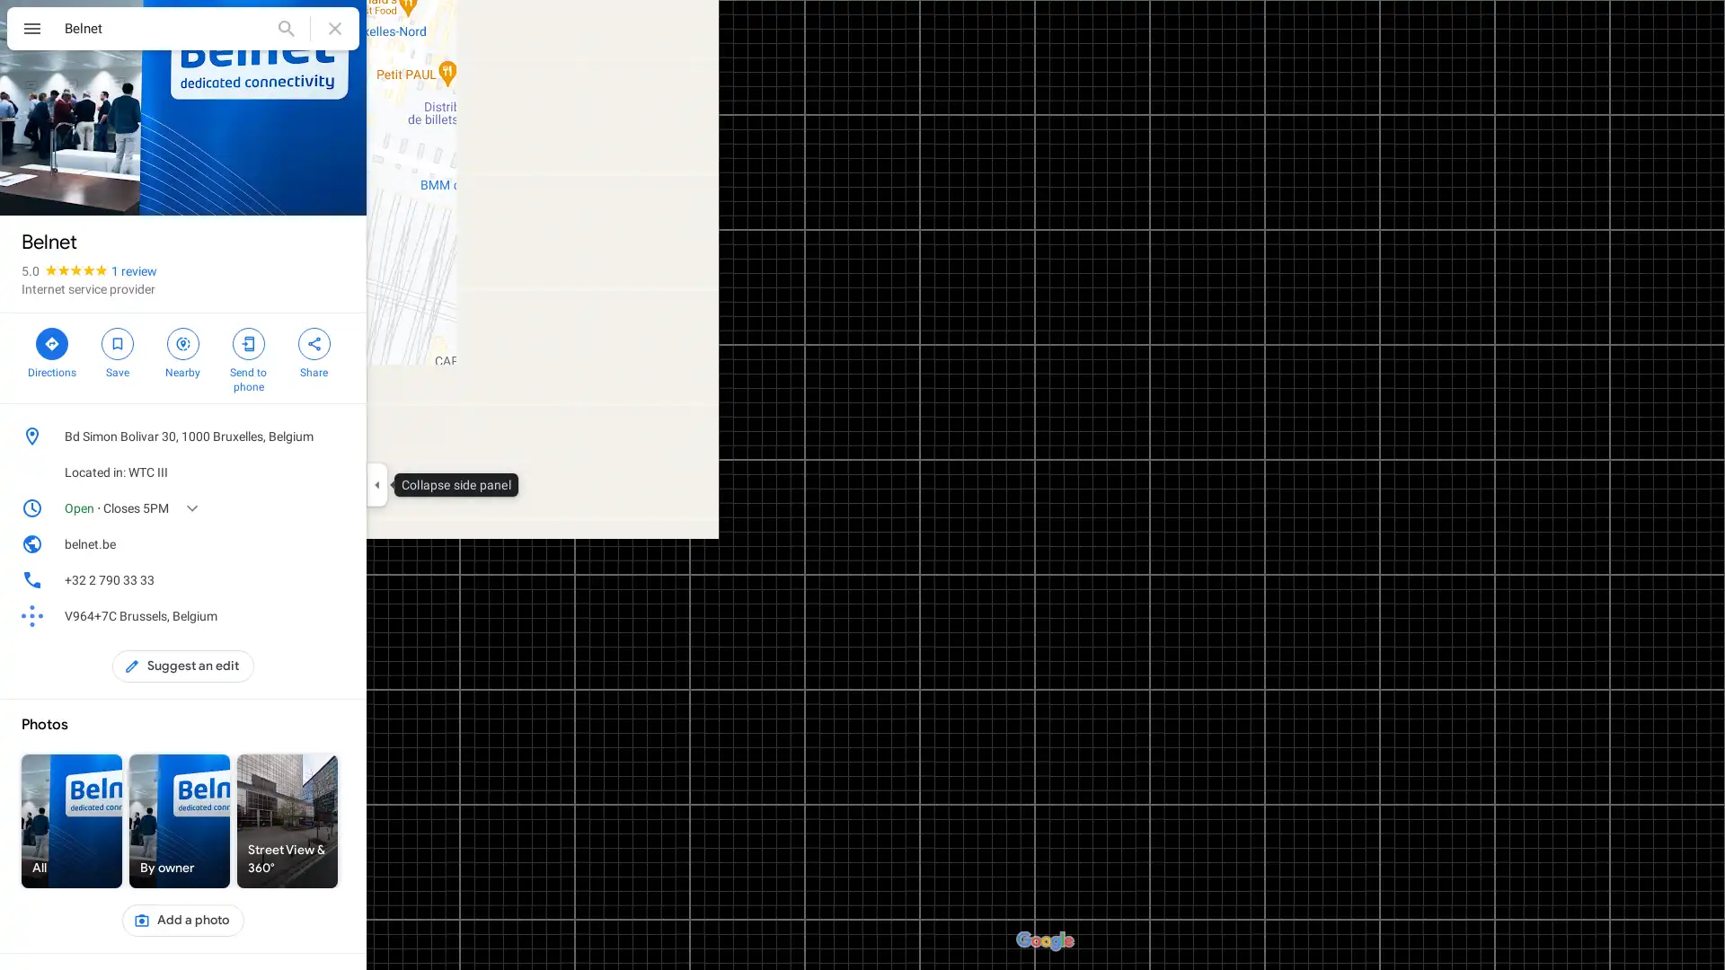 The height and width of the screenshot is (970, 1725). What do you see at coordinates (309, 542) in the screenshot?
I see `Open website` at bounding box center [309, 542].